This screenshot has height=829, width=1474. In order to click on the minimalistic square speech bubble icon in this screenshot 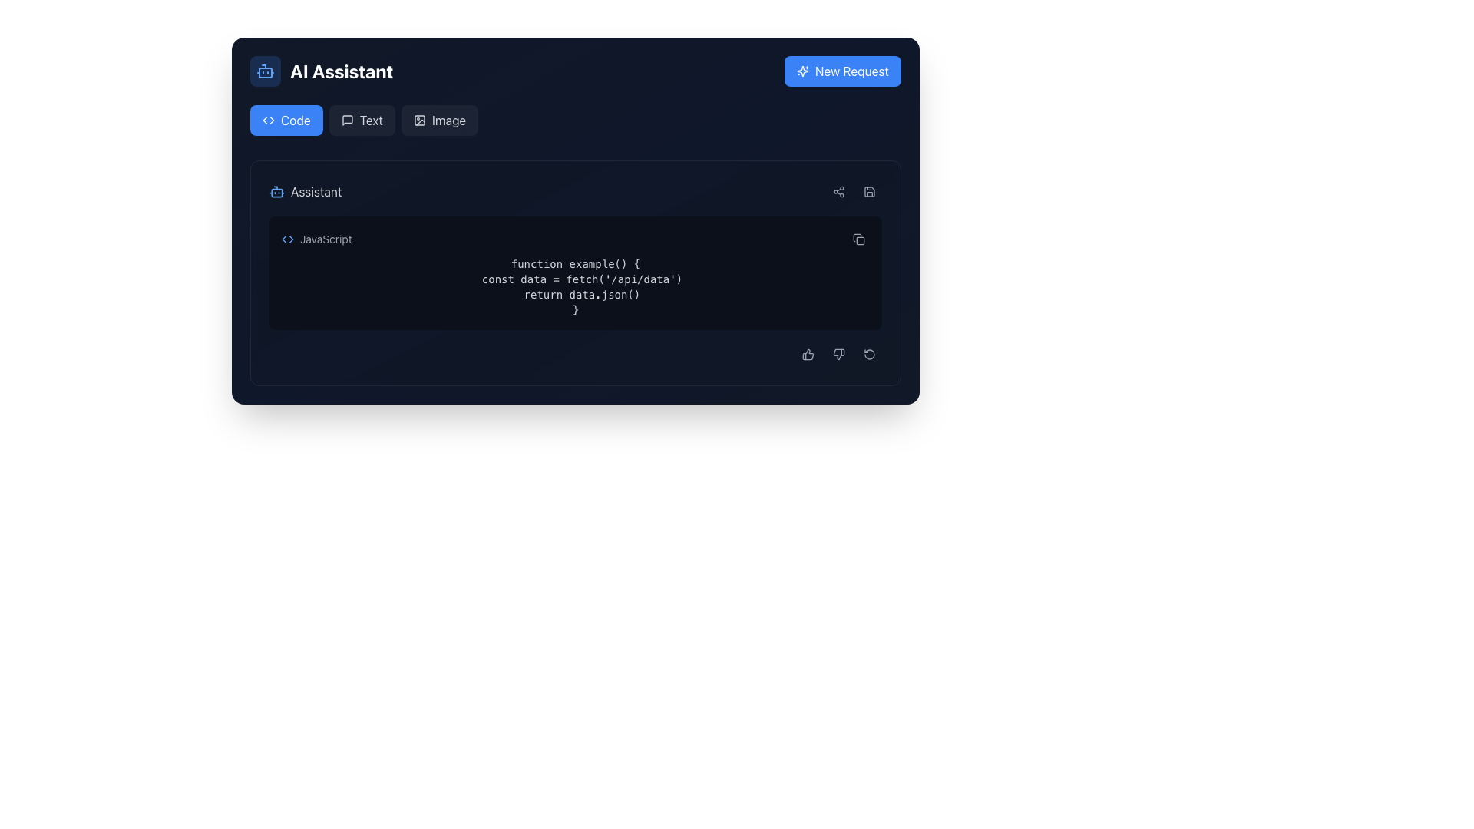, I will do `click(346, 120)`.